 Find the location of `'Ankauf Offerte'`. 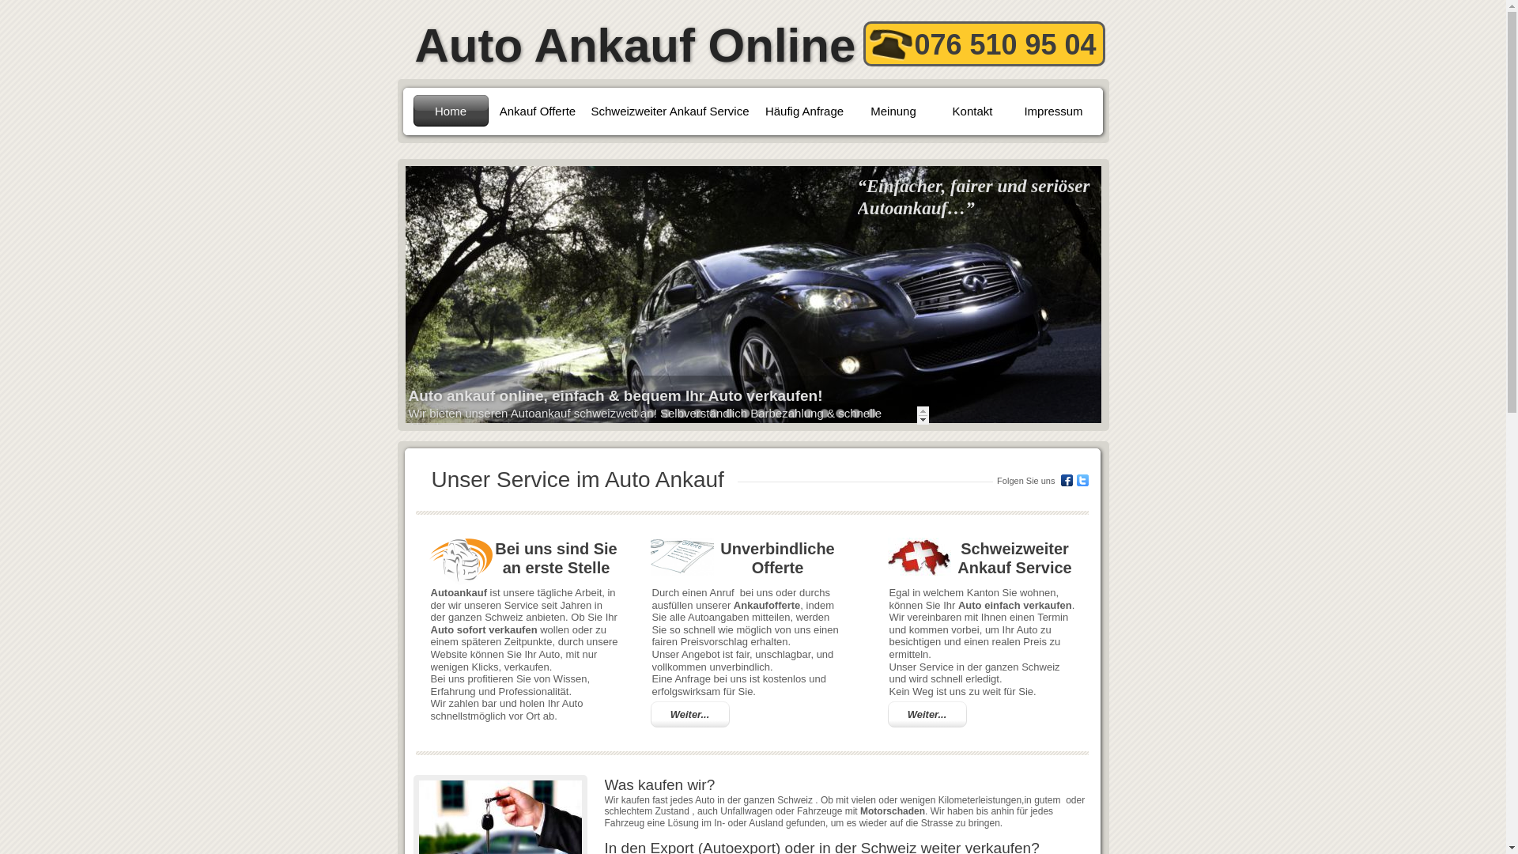

'Ankauf Offerte' is located at coordinates (538, 110).